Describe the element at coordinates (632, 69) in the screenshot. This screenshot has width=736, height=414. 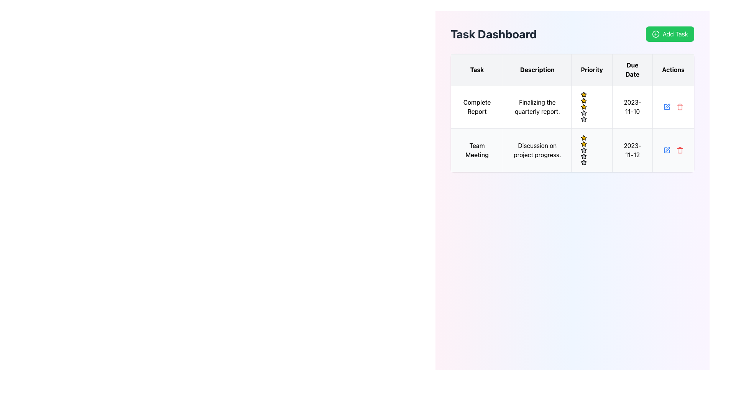
I see `the 'Due Date' table header cell, which is styled as a bold table heading and is located in the fourth column of the table header row` at that location.